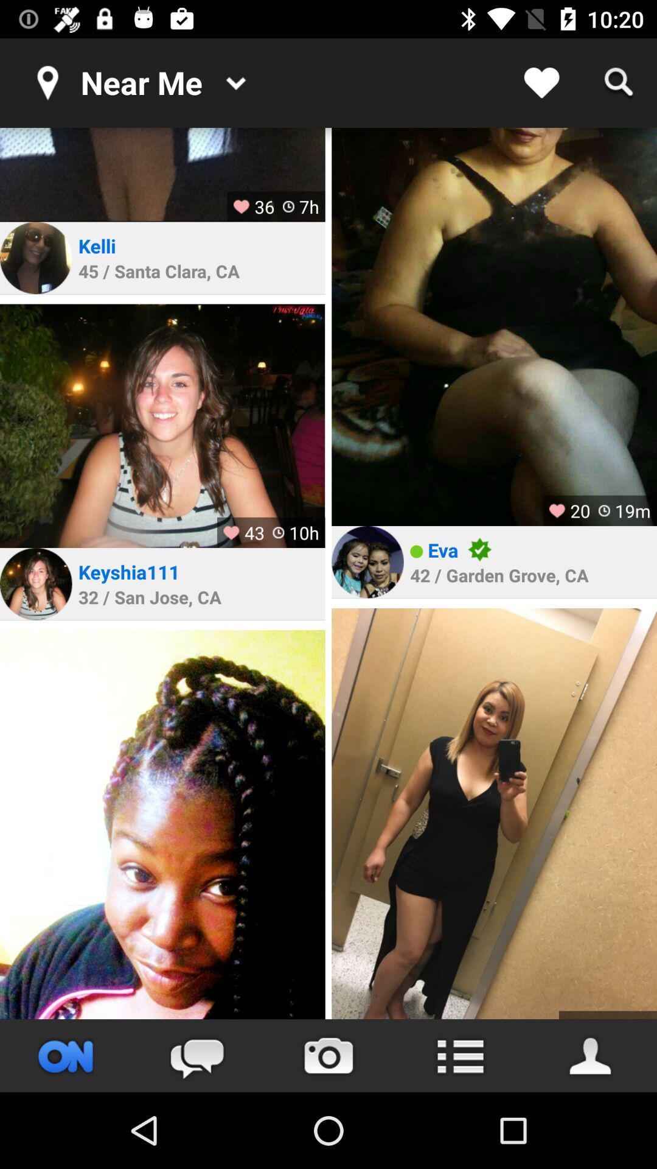  Describe the element at coordinates (494, 813) in the screenshot. I see `profile` at that location.